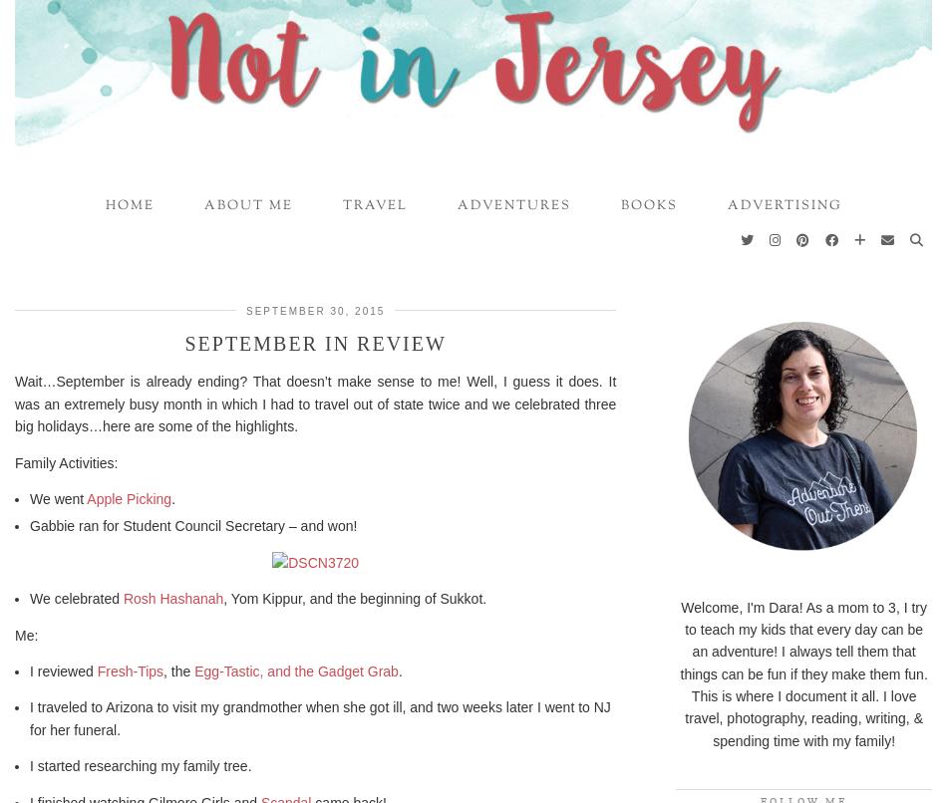 The height and width of the screenshot is (803, 947). I want to click on 'We celebrated', so click(76, 599).